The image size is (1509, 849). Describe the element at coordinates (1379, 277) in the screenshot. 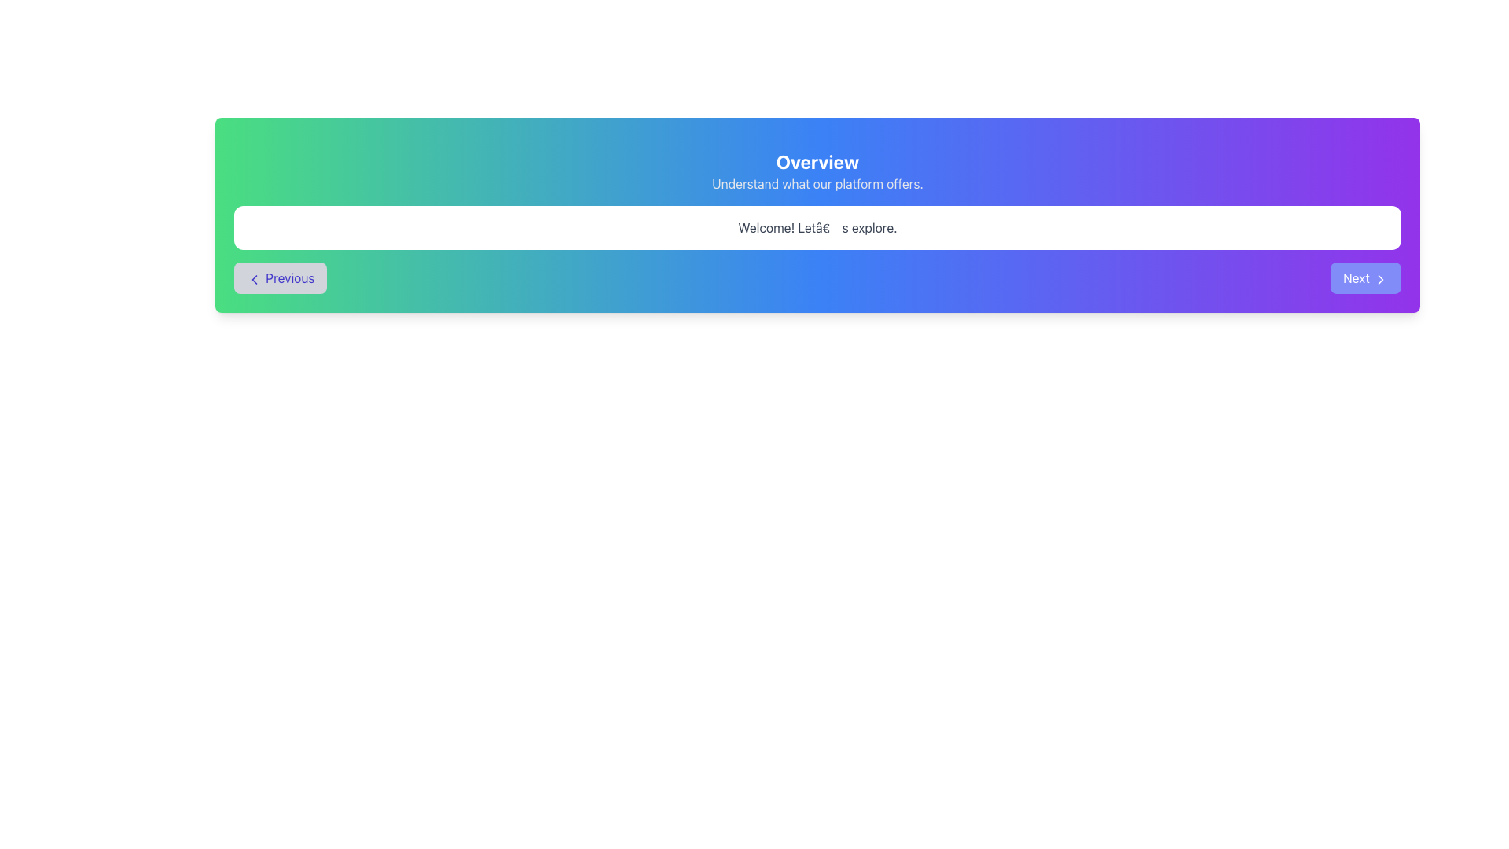

I see `the Chevron Indicator Icon located to the right of the 'Next' button in the bottom right corner of the gradient-colored rectangular area` at that location.